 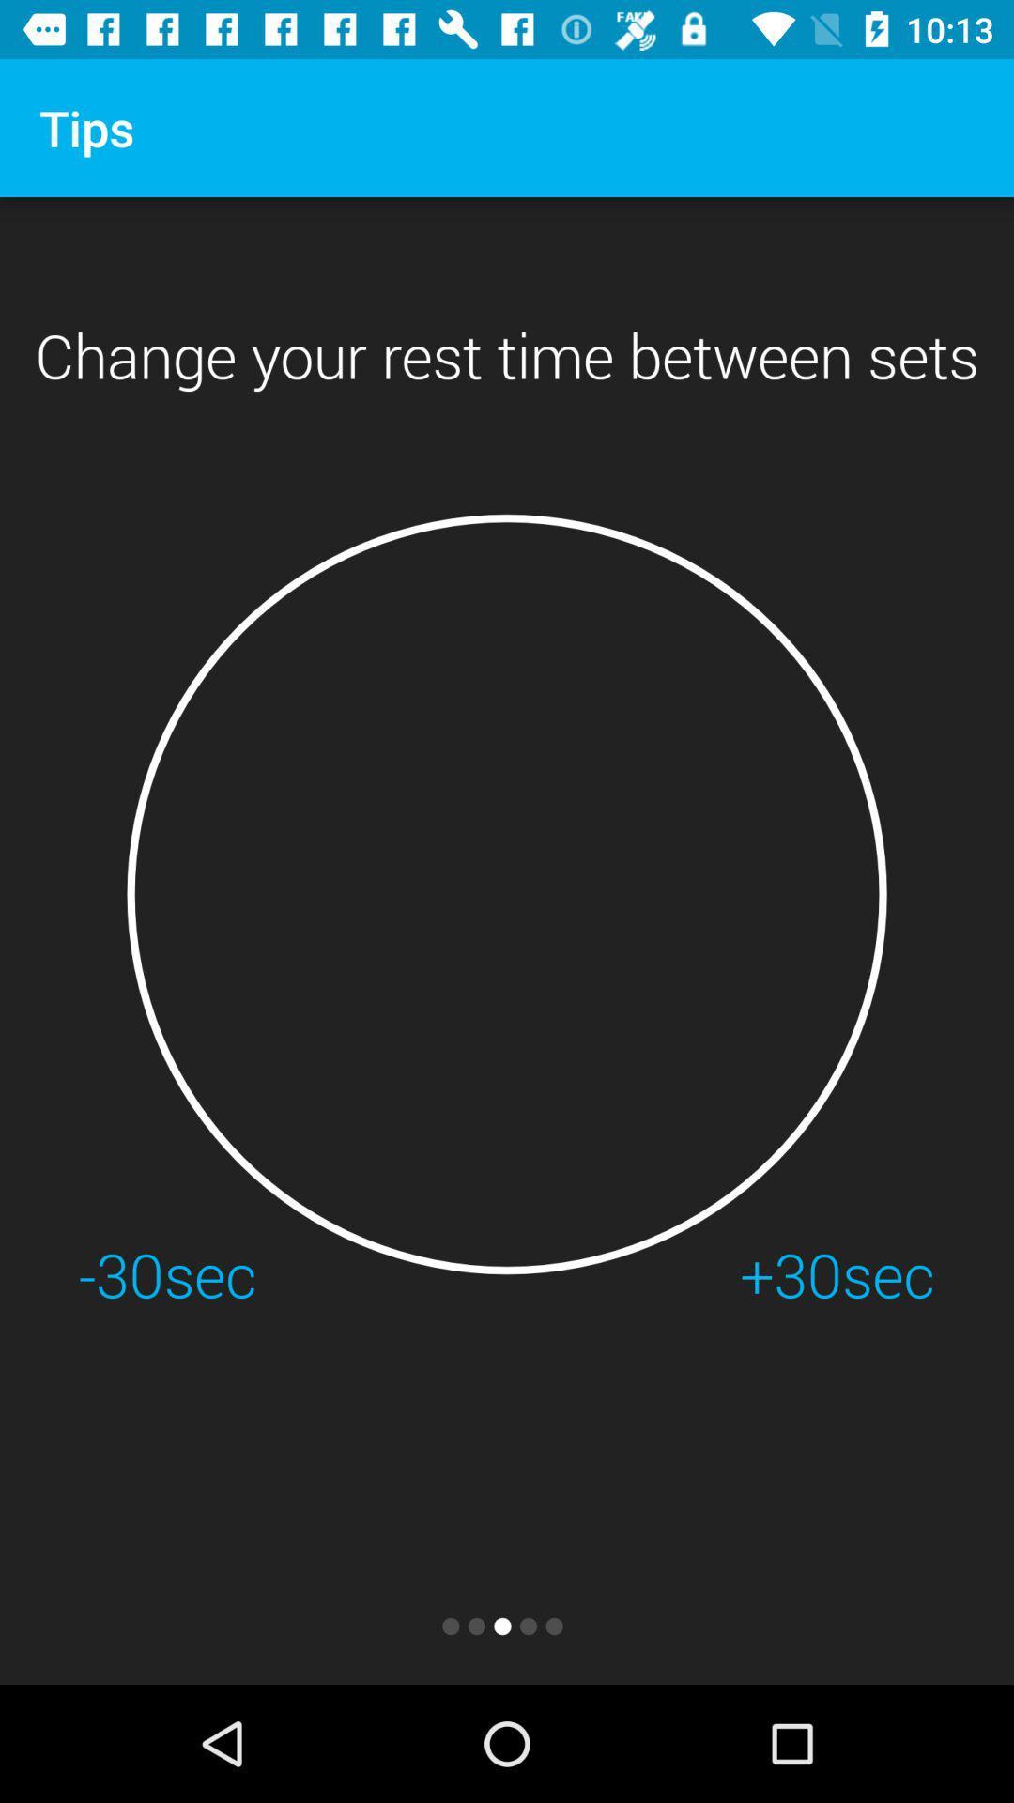 I want to click on the item below change your rest, so click(x=507, y=893).